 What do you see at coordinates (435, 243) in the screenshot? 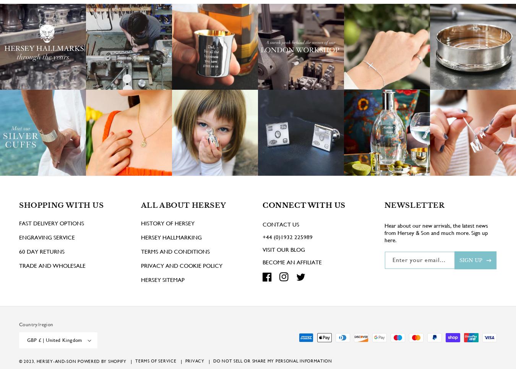
I see `'Hear about our new arrivals, the latest news from Hersey & Son and much more. Sign up here.'` at bounding box center [435, 243].